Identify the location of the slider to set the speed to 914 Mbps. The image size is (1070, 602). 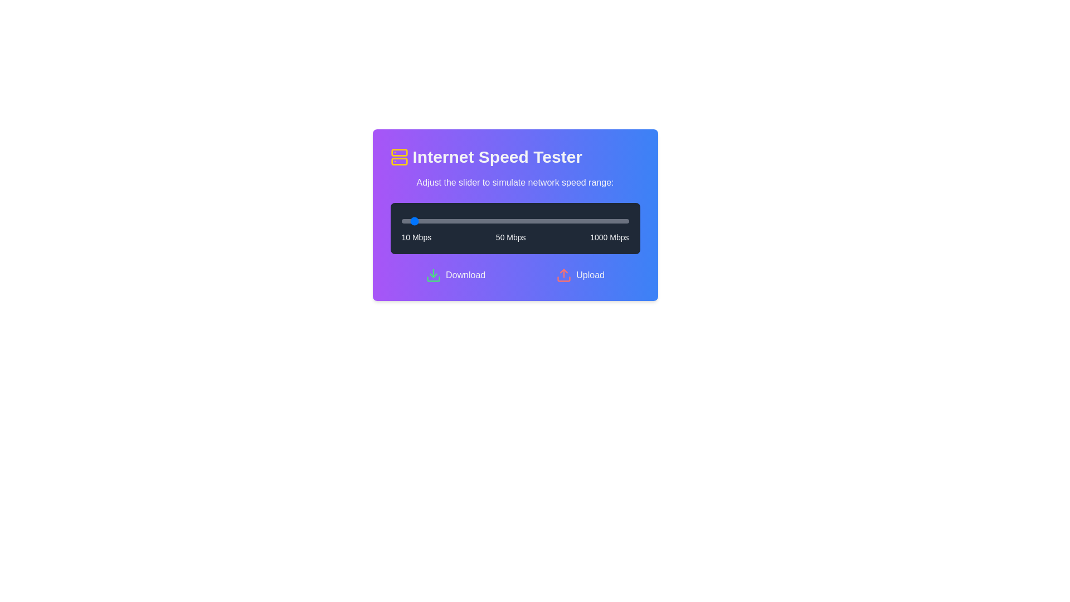
(609, 221).